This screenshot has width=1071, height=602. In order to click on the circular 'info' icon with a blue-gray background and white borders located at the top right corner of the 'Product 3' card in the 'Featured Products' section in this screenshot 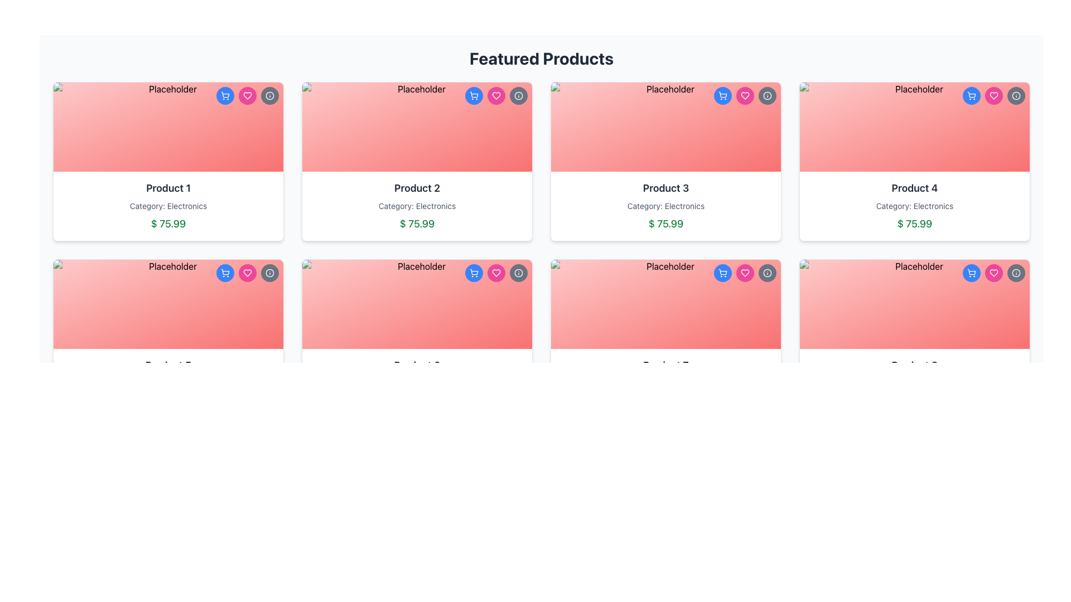, I will do `click(767, 95)`.